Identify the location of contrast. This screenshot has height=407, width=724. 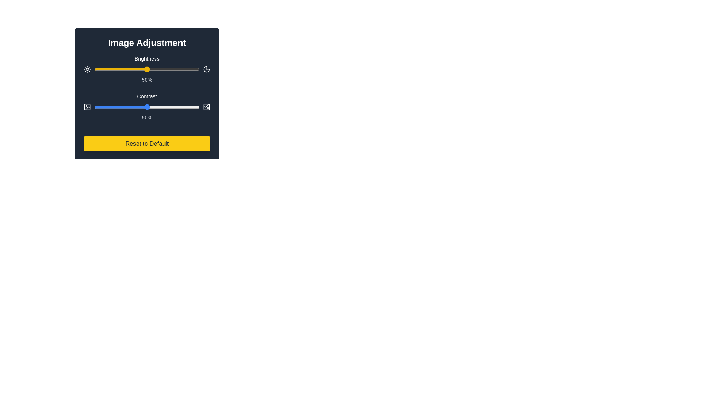
(174, 107).